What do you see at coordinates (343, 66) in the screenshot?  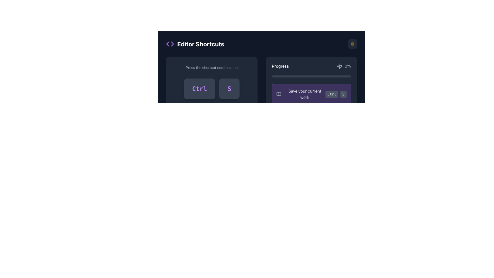 I see `percentage value displayed next to the lightning bolt icon, which shows '0%' in gray color at the top right corner of the 'Progress' section` at bounding box center [343, 66].